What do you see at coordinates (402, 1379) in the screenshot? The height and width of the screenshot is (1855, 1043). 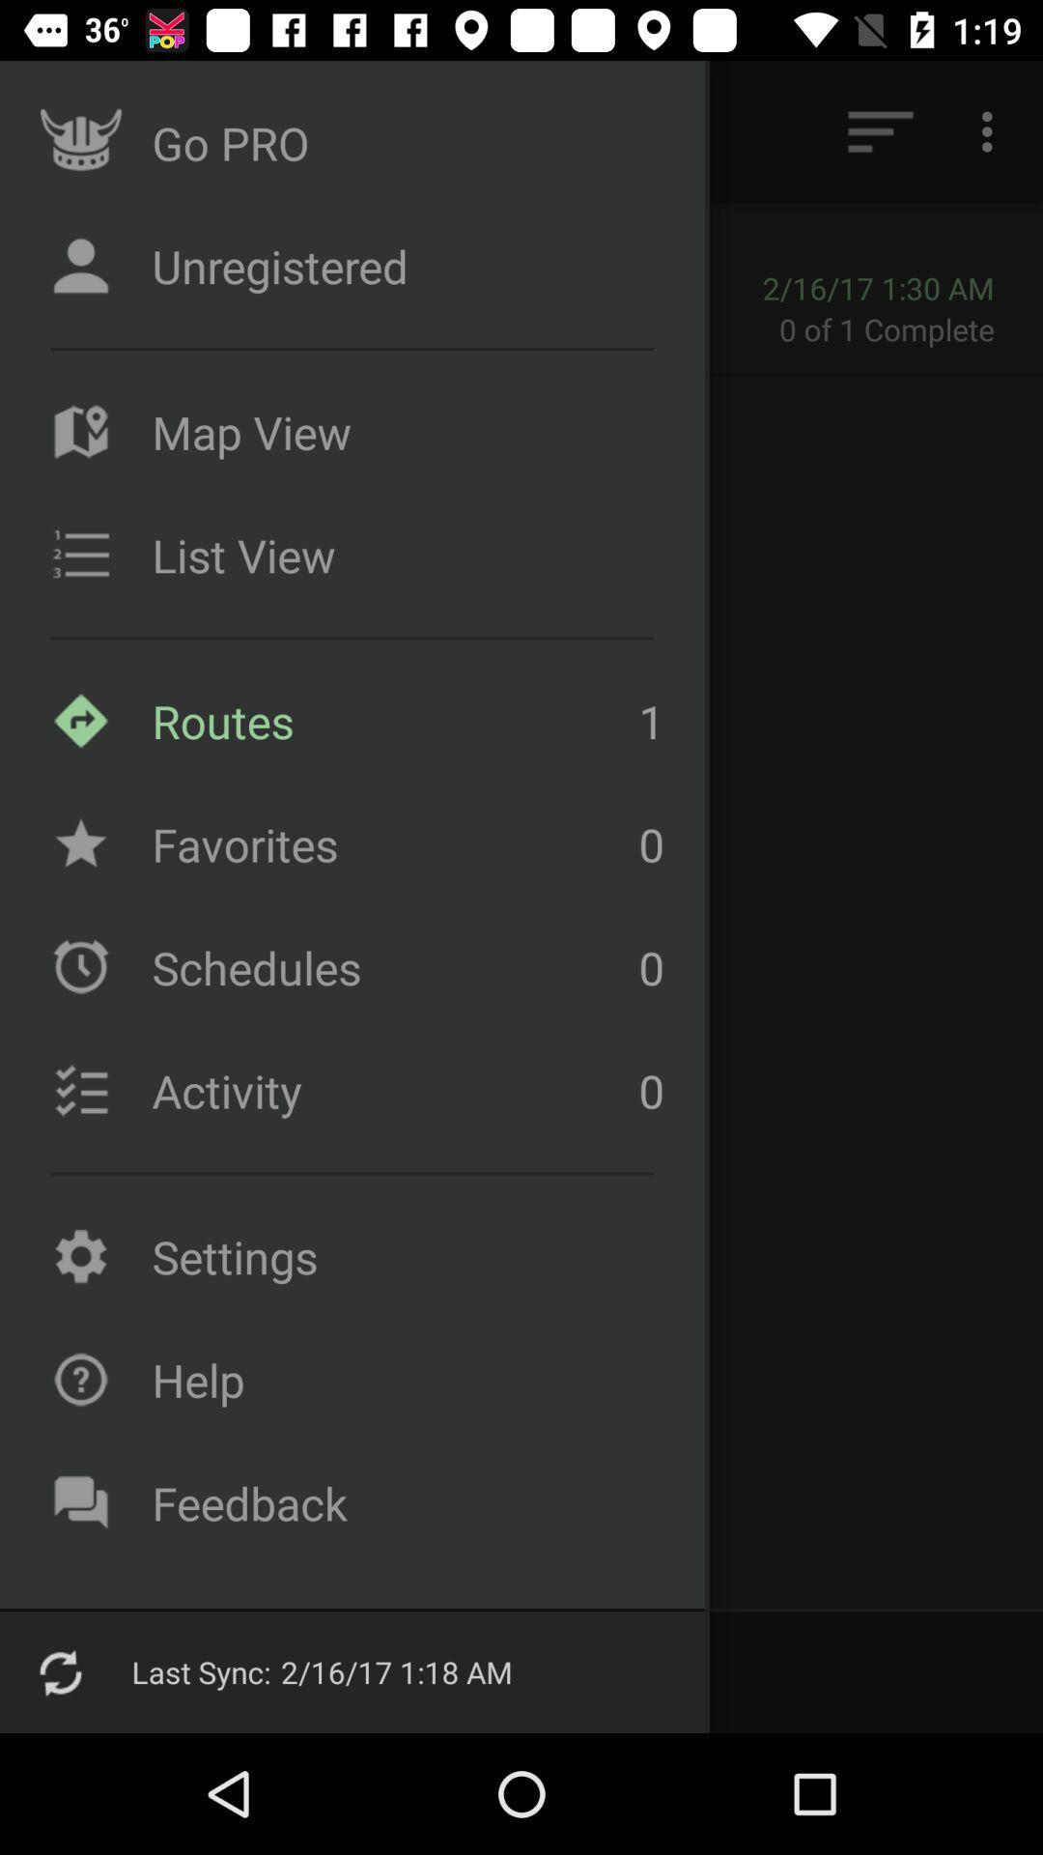 I see `the icon above the feedback item` at bounding box center [402, 1379].